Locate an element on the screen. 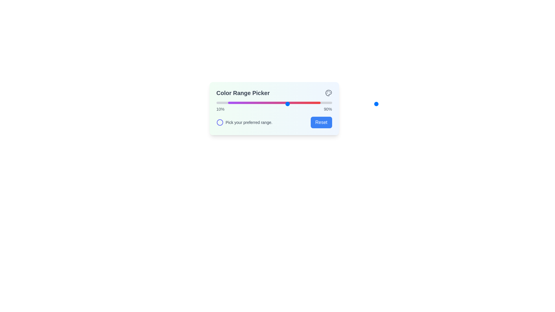 This screenshot has width=555, height=312. the static text label indicating the maximum value (90%) for the associated range selector, located at the rightmost position of the range bar is located at coordinates (328, 109).